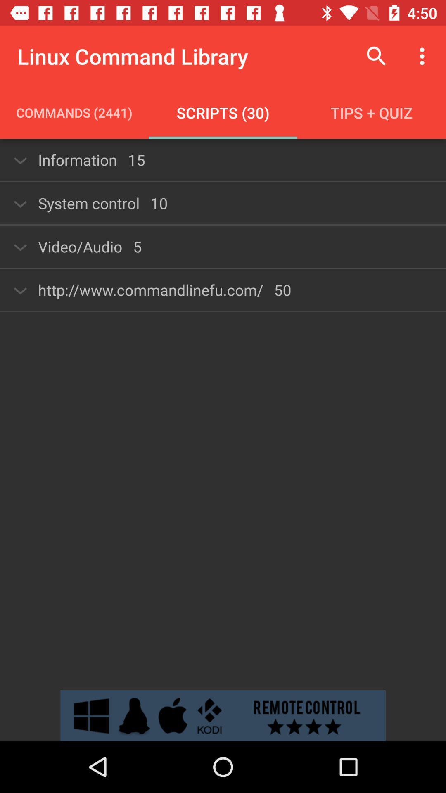 Image resolution: width=446 pixels, height=793 pixels. Describe the element at coordinates (223, 715) in the screenshot. I see `open remote control advertisement` at that location.